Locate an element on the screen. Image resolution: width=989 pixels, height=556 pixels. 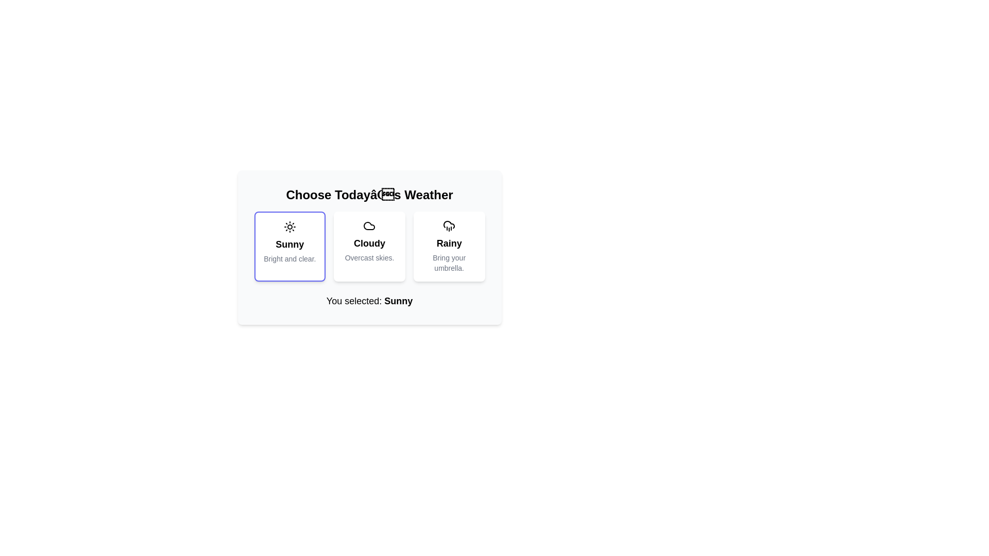
the 'Rainy' weather condition icon located at the top of the 'Rainy' weather card, positioned on the rightmost side among three weather option cards is located at coordinates (449, 225).